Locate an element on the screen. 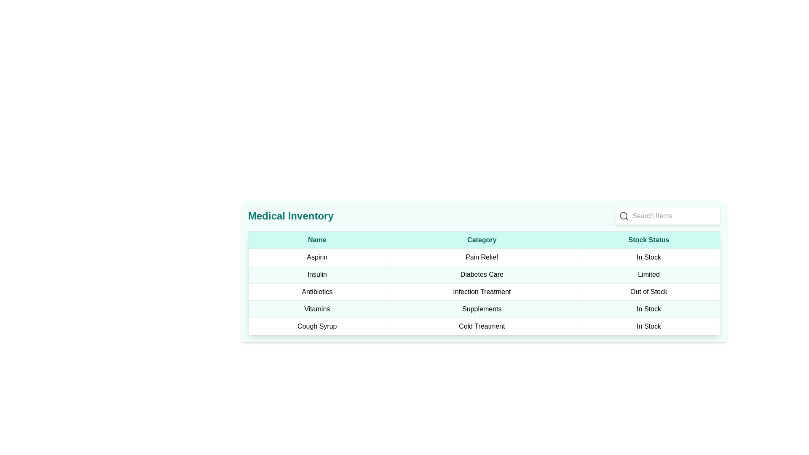 This screenshot has width=809, height=455. the search icon located at the top-right corner above the table is located at coordinates (624, 216).